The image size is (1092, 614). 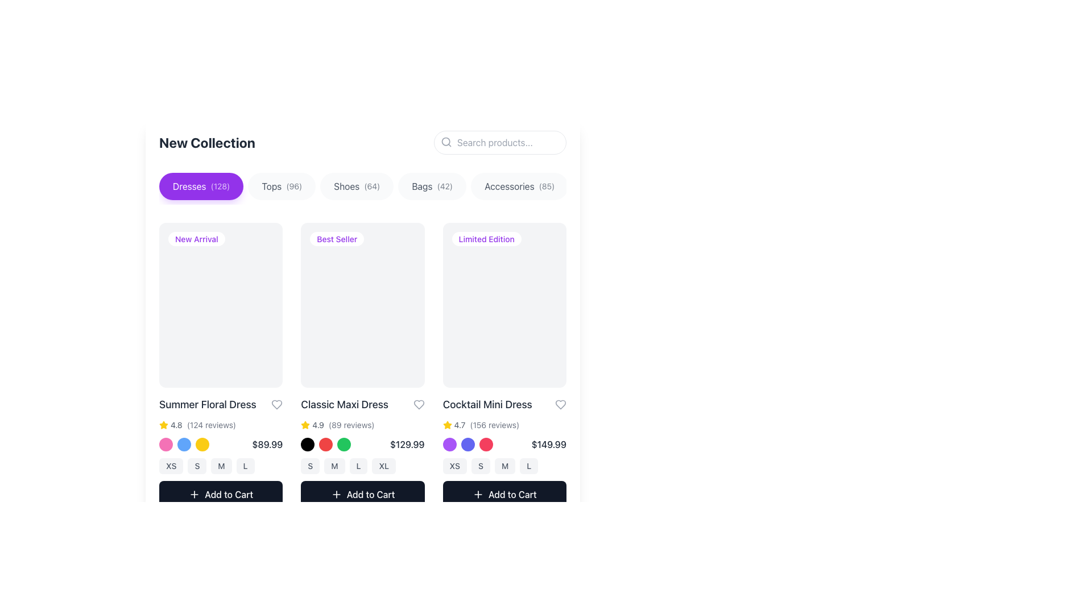 What do you see at coordinates (486, 238) in the screenshot?
I see `the 'Limited Edition' label styled as a rounded rectangle with purple text on a white background` at bounding box center [486, 238].